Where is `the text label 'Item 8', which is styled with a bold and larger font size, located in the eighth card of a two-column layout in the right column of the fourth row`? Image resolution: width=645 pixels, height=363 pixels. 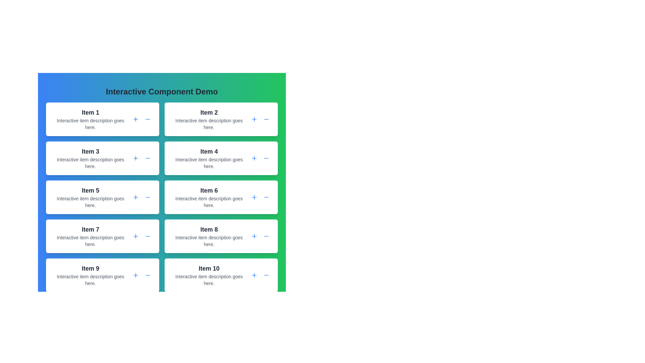 the text label 'Item 8', which is styled with a bold and larger font size, located in the eighth card of a two-column layout in the right column of the fourth row is located at coordinates (209, 229).